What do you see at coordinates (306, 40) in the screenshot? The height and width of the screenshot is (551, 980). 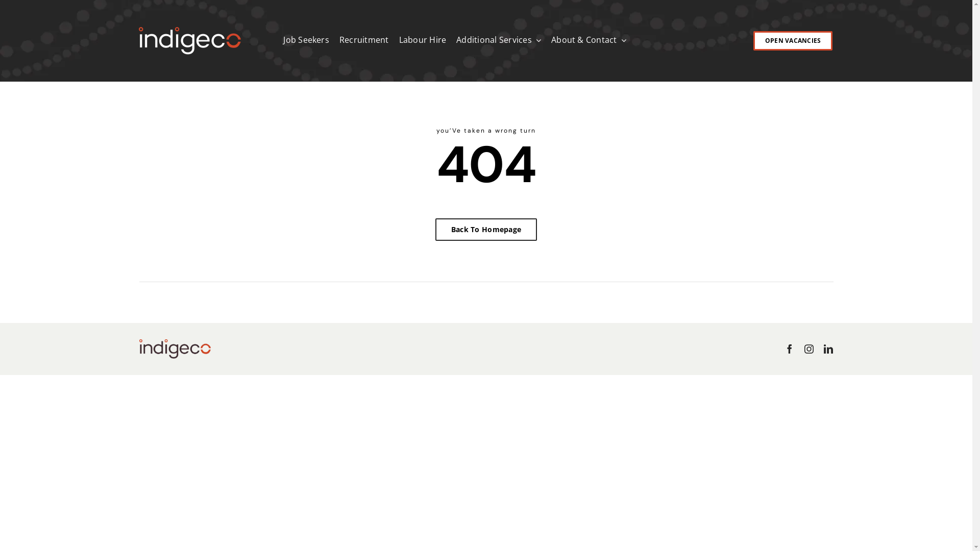 I see `'Job Seekers'` at bounding box center [306, 40].